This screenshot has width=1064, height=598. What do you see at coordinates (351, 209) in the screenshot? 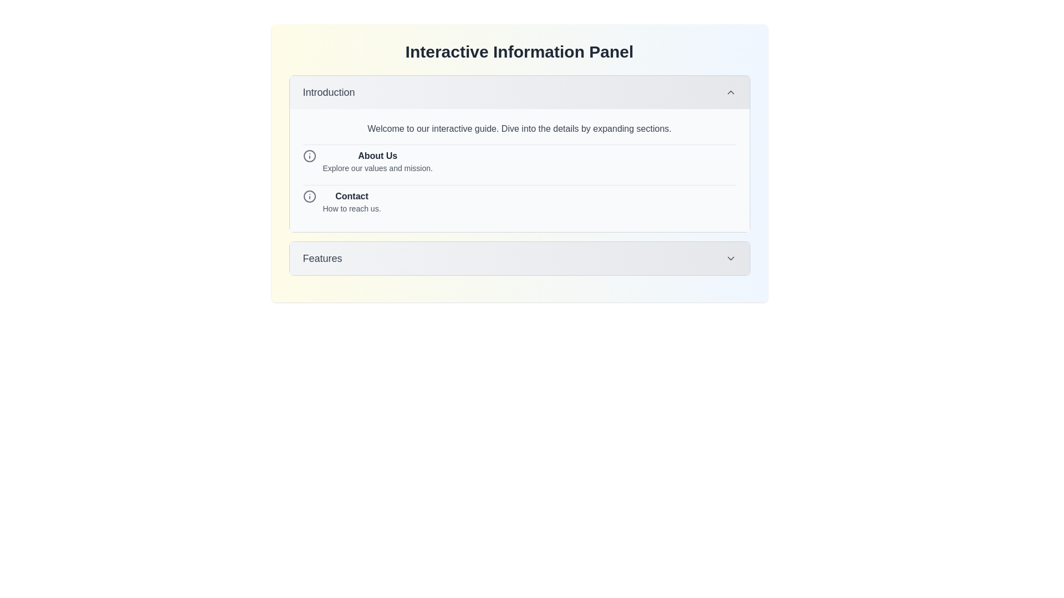
I see `the subtitle text in the 'Contact' section that provides additional context or guidance about the contact information` at bounding box center [351, 209].